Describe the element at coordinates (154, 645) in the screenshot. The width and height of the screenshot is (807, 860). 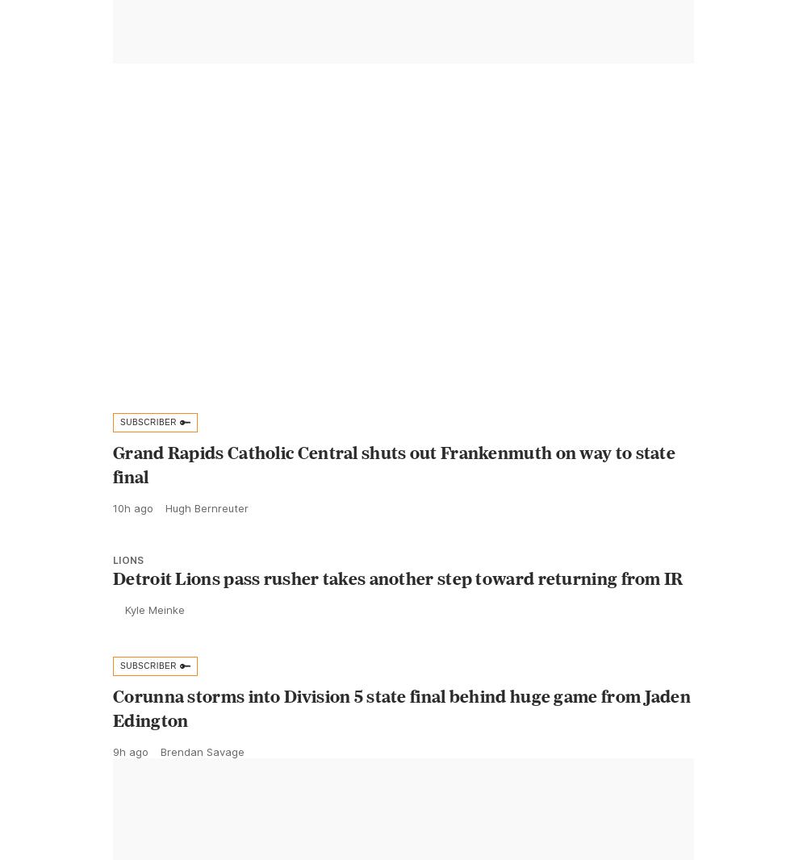
I see `'Kyle Meinke'` at that location.